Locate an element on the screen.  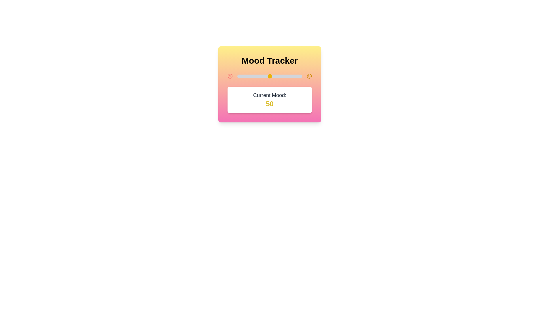
the slider to set the mood value to 2 is located at coordinates (238, 76).